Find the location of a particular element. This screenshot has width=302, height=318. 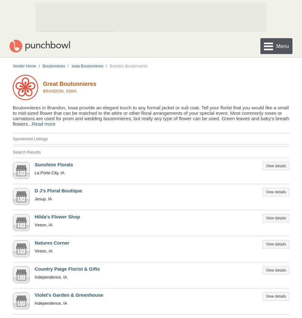

'Vendor Home' is located at coordinates (24, 66).